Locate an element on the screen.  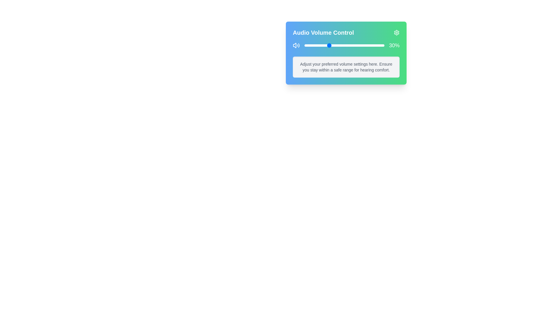
the informational text area to ensure it is readable is located at coordinates (346, 67).